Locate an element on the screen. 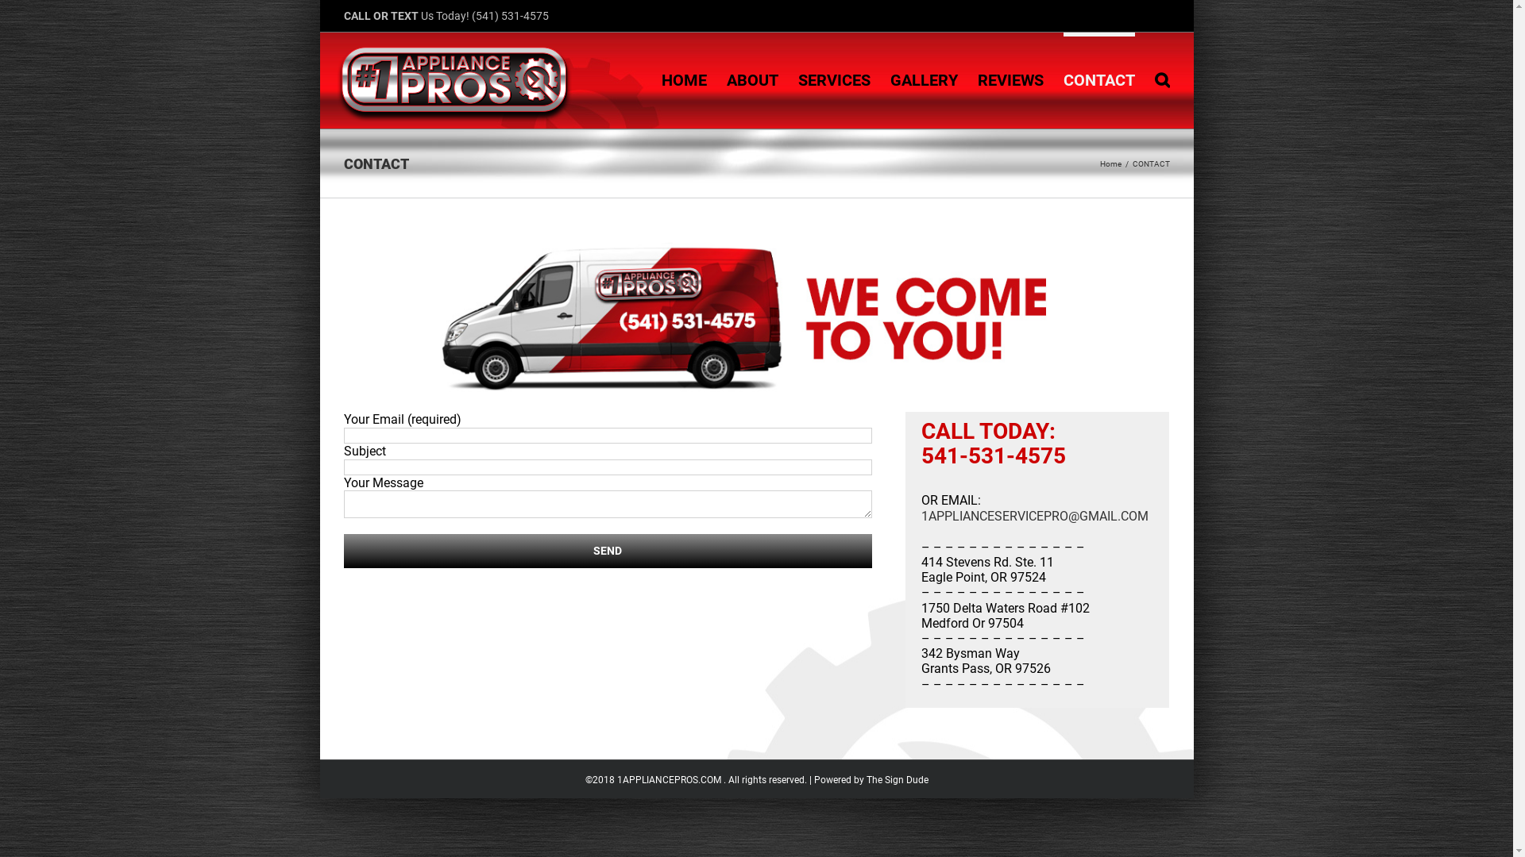 The width and height of the screenshot is (1525, 857). 'REVIEWS' is located at coordinates (1009, 78).